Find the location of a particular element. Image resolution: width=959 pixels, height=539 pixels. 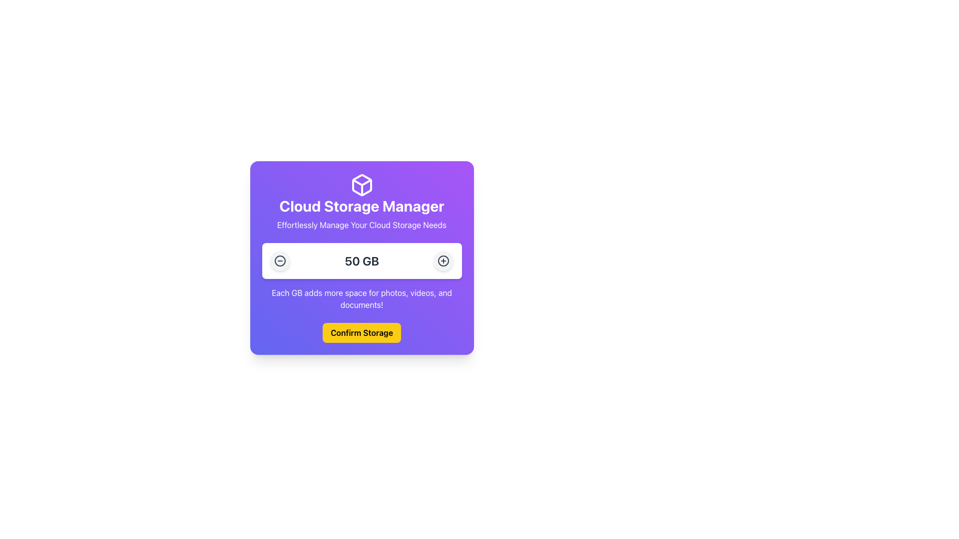

the informational text element that displays the message 'Each GB adds more space for photos, videos, and documents!' which is centered and styled with a white font color against a purple background is located at coordinates (361, 298).